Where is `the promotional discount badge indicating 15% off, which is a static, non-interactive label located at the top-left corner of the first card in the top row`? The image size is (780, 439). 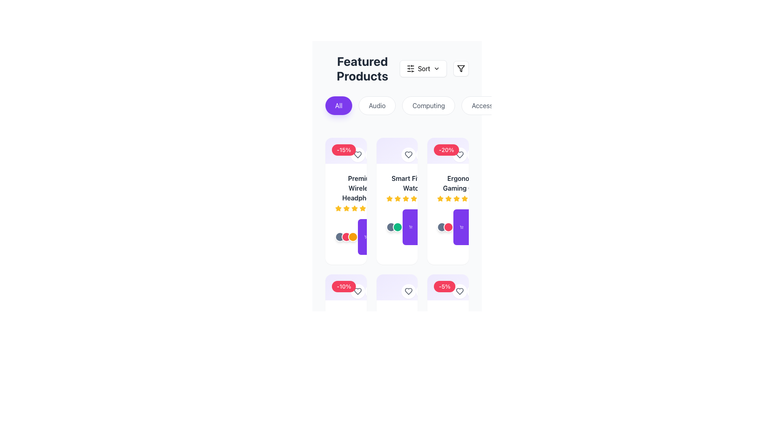
the promotional discount badge indicating 15% off, which is a static, non-interactive label located at the top-left corner of the first card in the top row is located at coordinates (344, 150).